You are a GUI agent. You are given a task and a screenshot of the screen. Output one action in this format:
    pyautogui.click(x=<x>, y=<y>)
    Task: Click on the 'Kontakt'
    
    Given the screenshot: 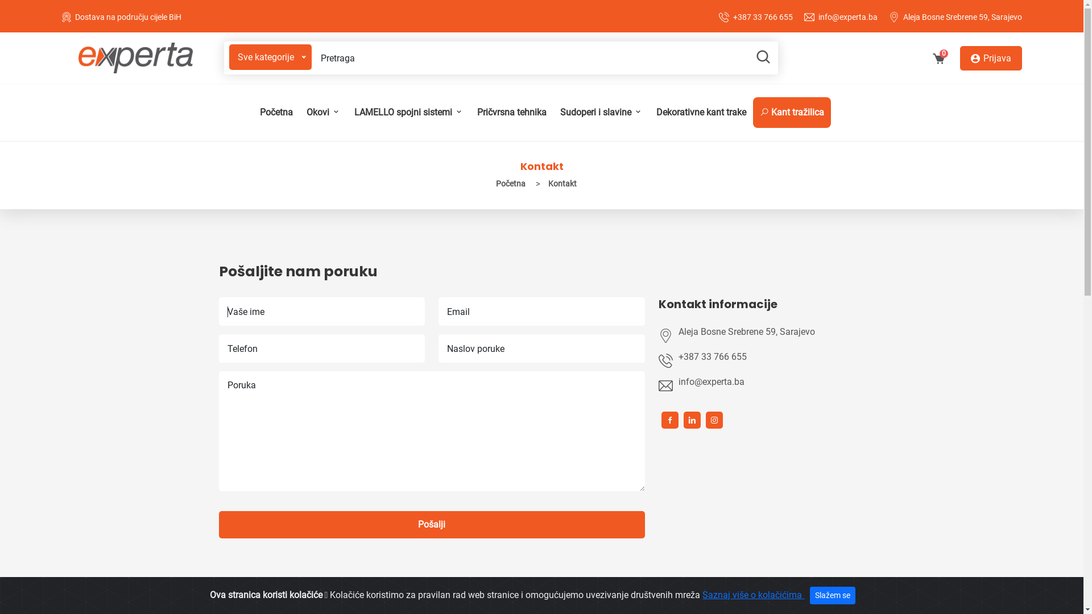 What is the action you would take?
    pyautogui.click(x=543, y=183)
    